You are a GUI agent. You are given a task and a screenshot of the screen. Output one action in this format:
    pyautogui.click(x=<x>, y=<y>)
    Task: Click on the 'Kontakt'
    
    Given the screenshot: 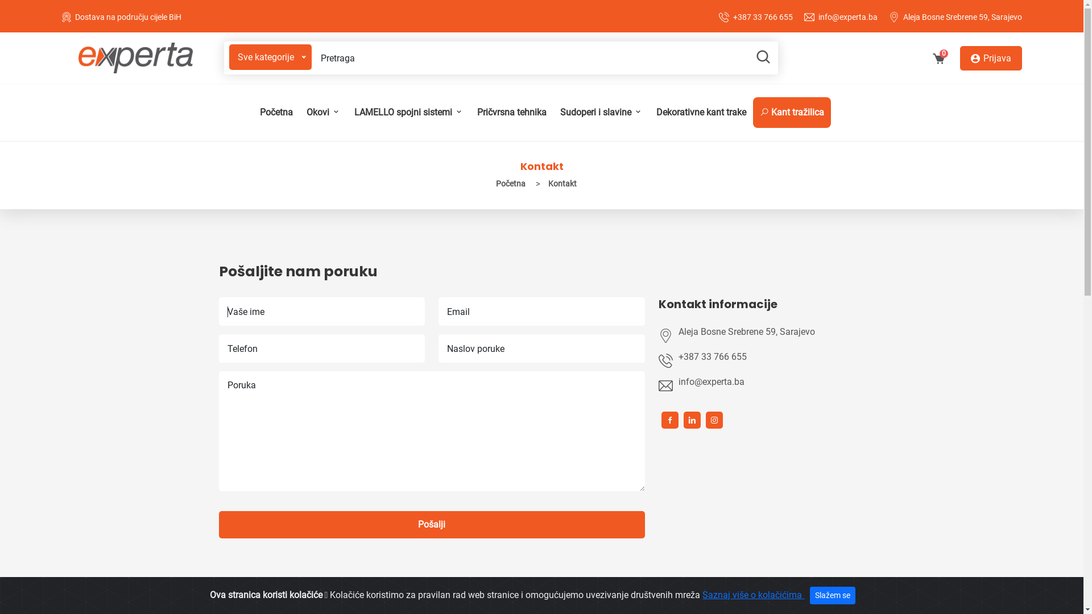 What is the action you would take?
    pyautogui.click(x=543, y=183)
    